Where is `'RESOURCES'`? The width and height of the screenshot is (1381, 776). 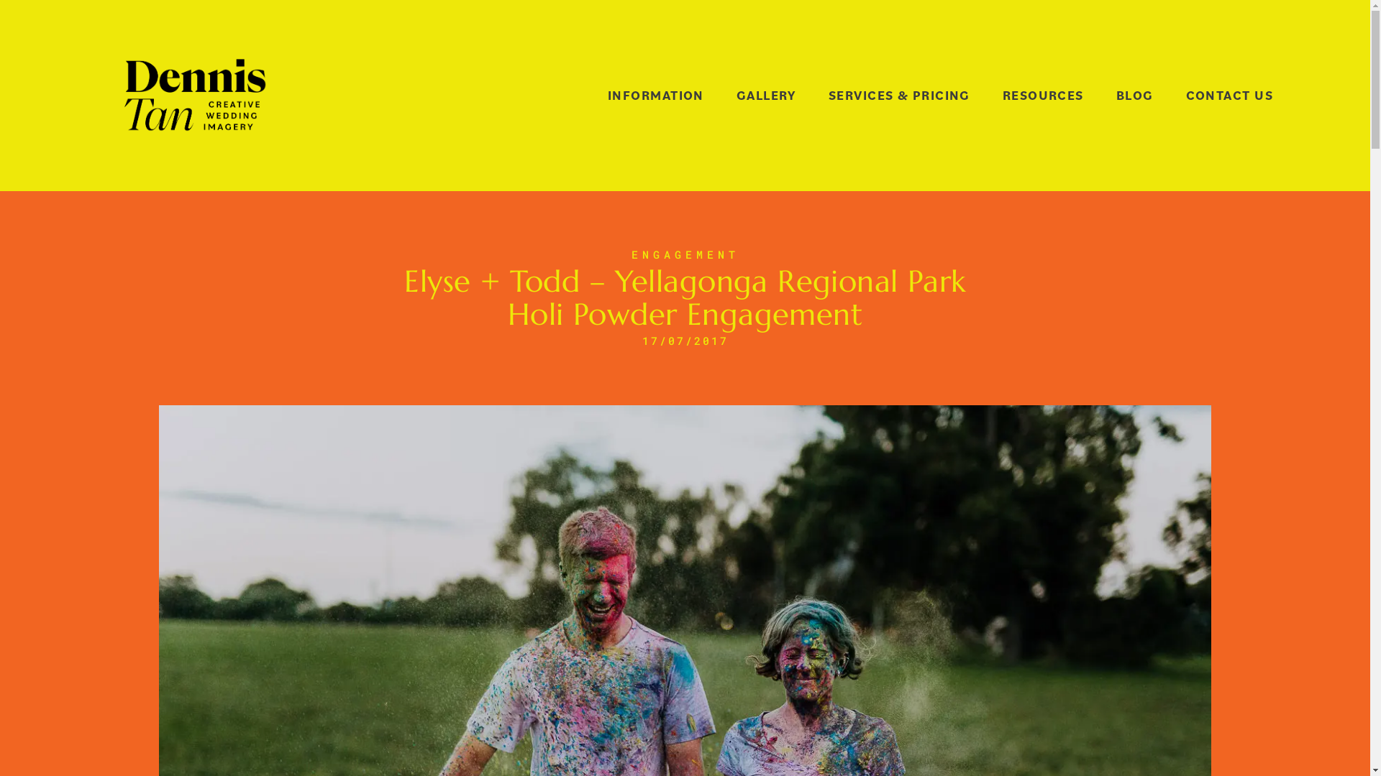 'RESOURCES' is located at coordinates (1043, 96).